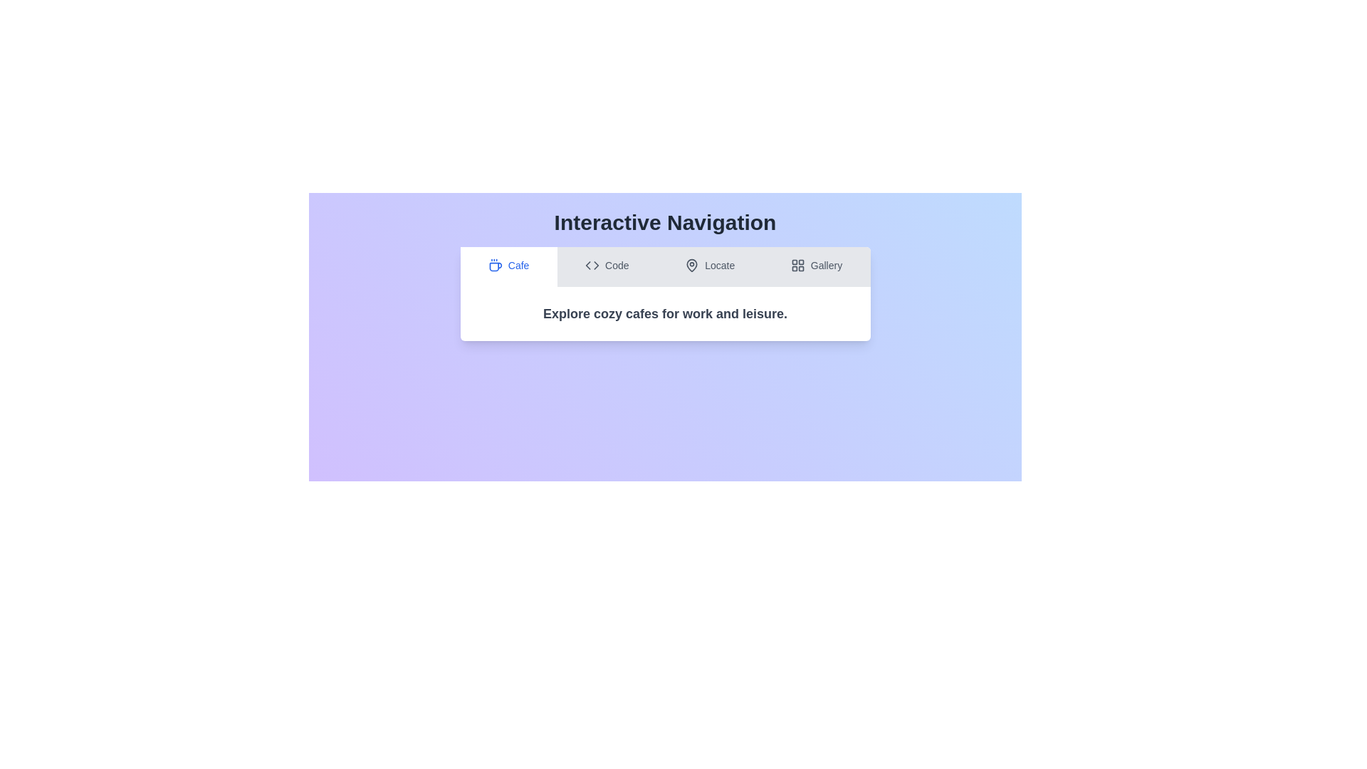  Describe the element at coordinates (710, 266) in the screenshot. I see `the tab labeled Locate` at that location.